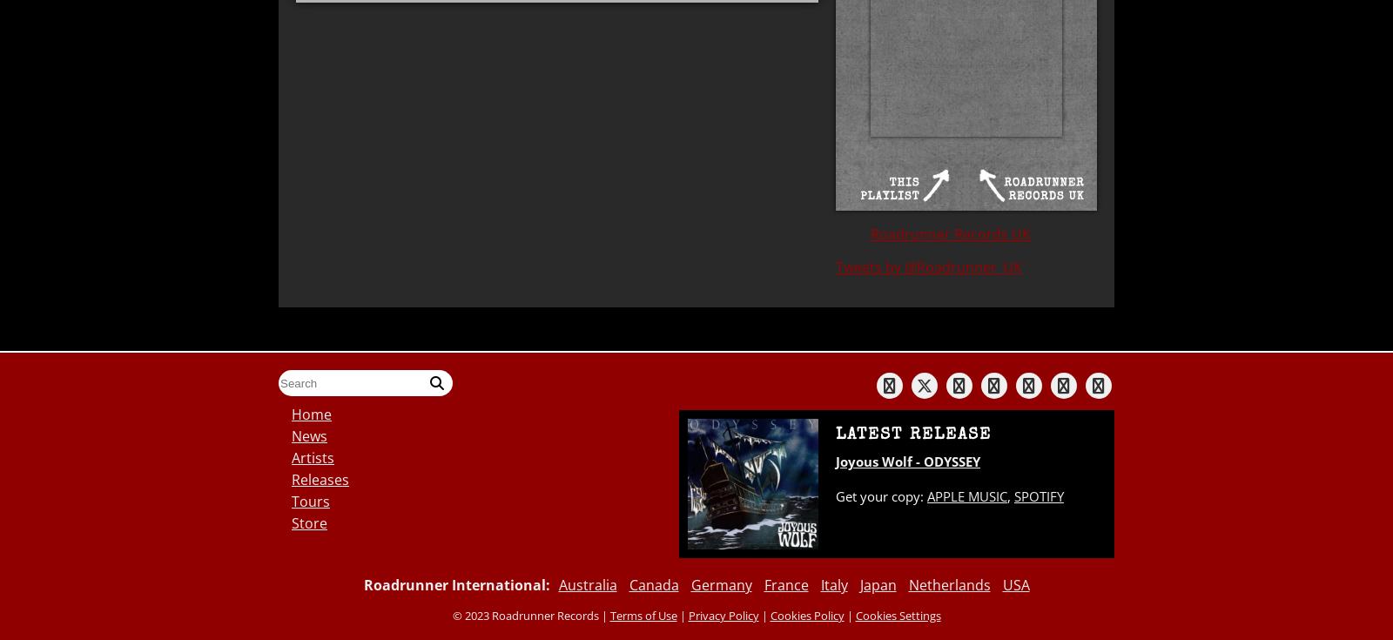 The height and width of the screenshot is (640, 1393). Describe the element at coordinates (835, 461) in the screenshot. I see `'Joyous Wolf - ODYSSEY'` at that location.